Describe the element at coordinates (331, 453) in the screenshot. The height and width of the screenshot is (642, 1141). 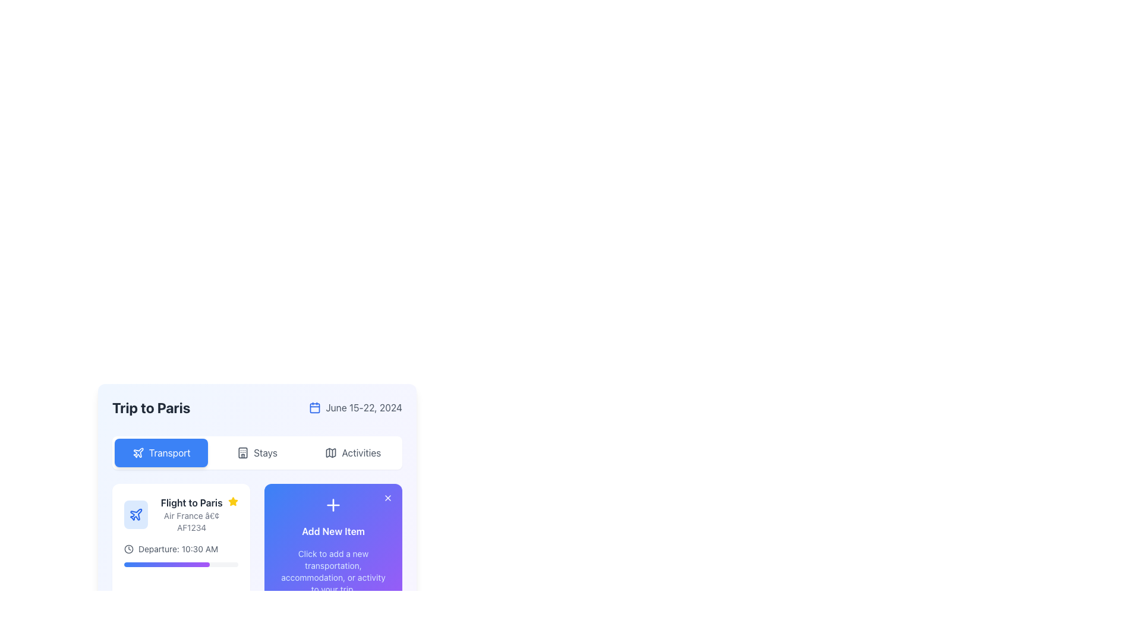
I see `the 'Activities' button by clicking on the map icon, which is a folded map design outlined in monochromatic tones, located to the left of the text 'Activities'` at that location.